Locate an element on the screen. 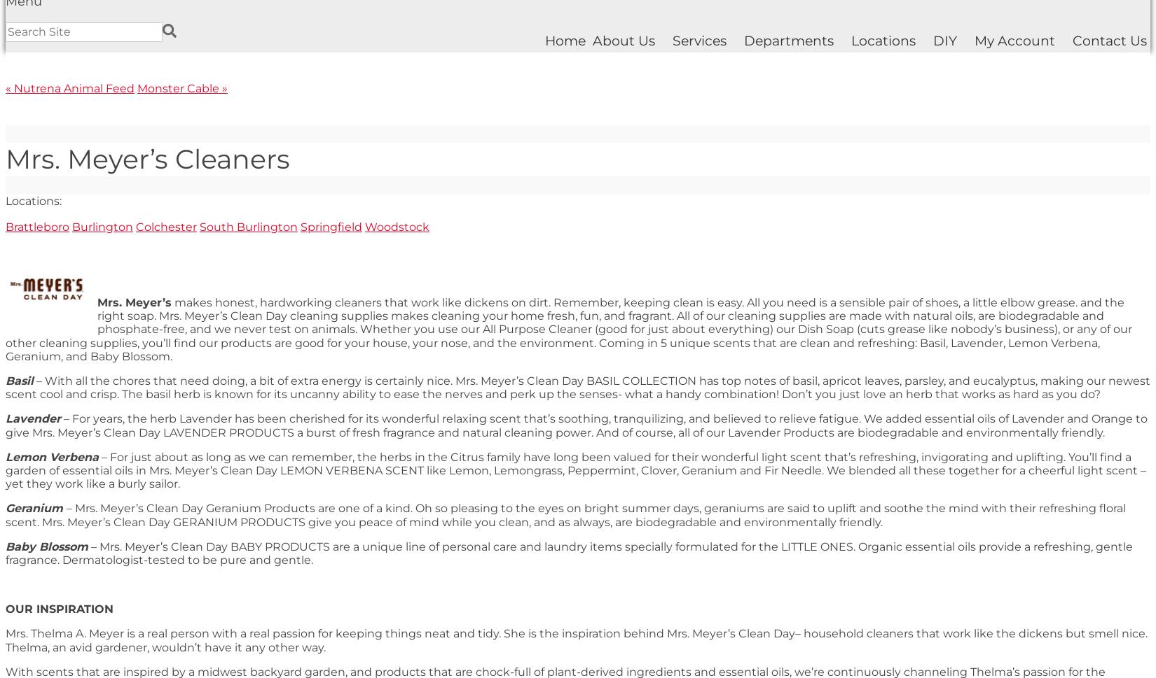  'Our formulas combine plant-based ingredients with leading edge cleaning know-how to provide a enjoyable, positive experience for our consumers. The results of third-party testing show that our products outperform other “green” brands and are on par with, and often superior to, national brands.' is located at coordinates (554, 294).